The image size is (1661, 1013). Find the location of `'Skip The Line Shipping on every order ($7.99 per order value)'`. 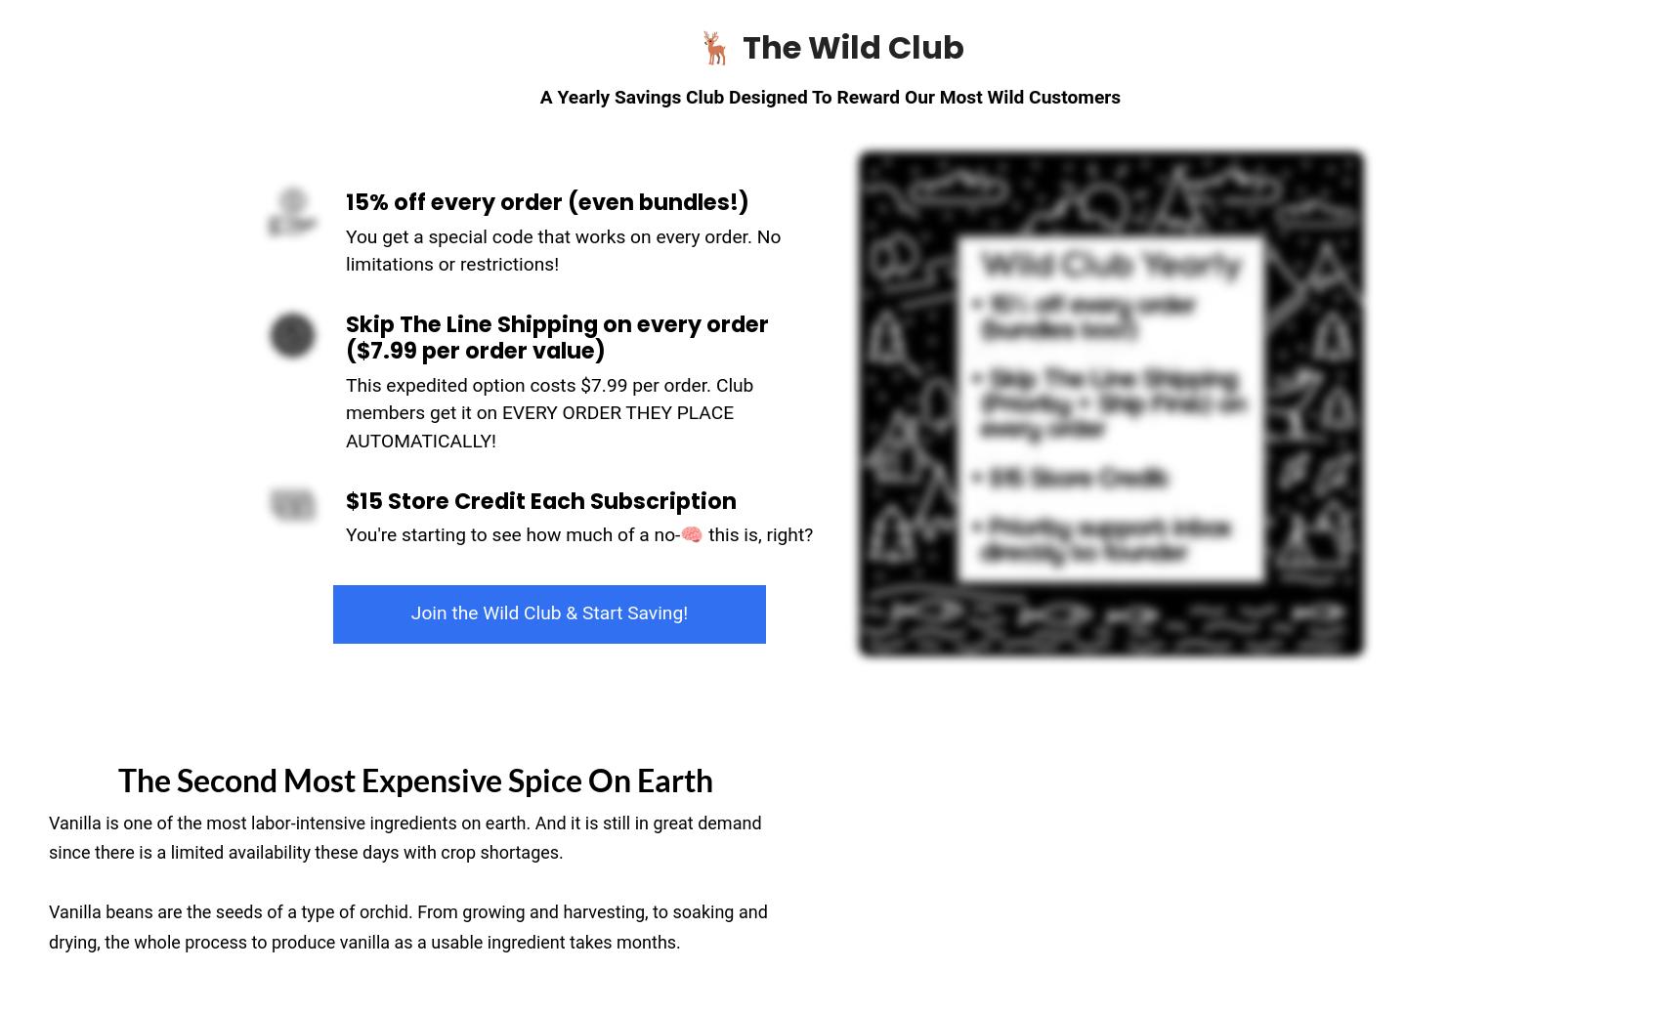

'Skip The Line Shipping on every order ($7.99 per order value)' is located at coordinates (556, 335).